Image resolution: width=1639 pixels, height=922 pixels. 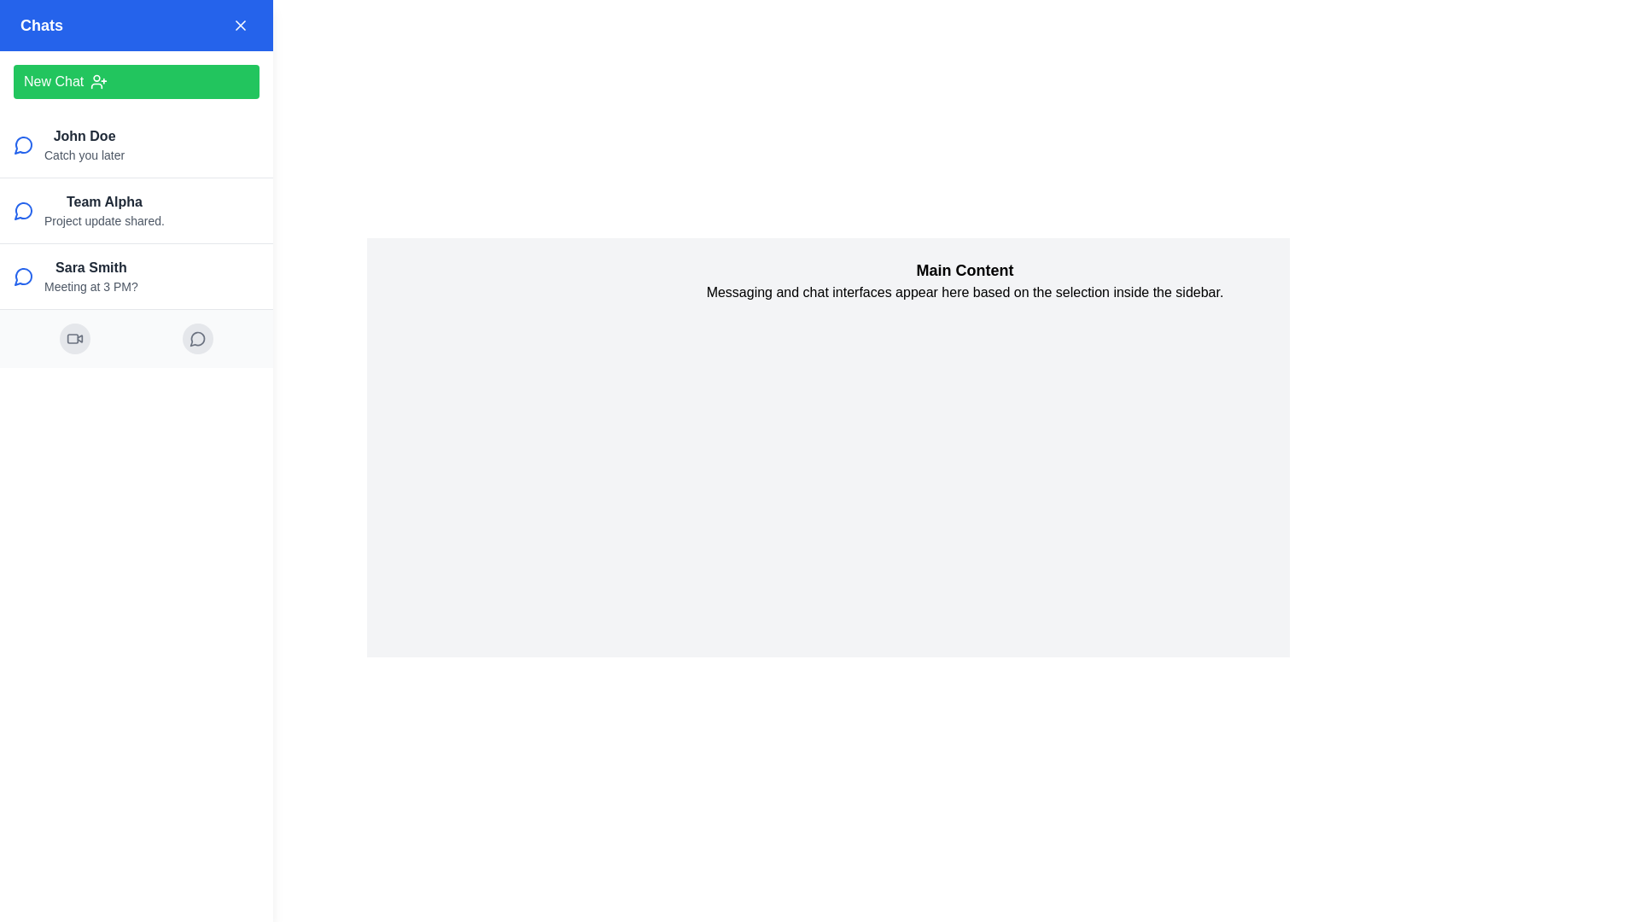 I want to click on the close icon button located in the top-left corner of the sidebar, so click(x=32, y=32).